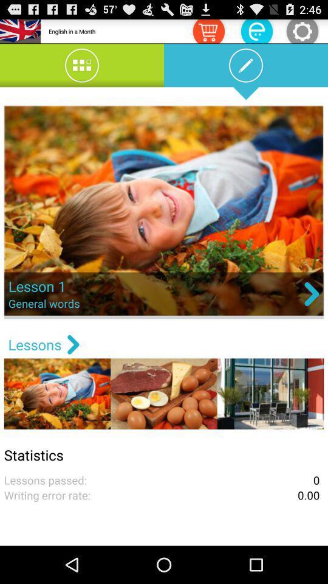 This screenshot has width=328, height=584. Describe the element at coordinates (164, 212) in the screenshot. I see `start first lesson` at that location.